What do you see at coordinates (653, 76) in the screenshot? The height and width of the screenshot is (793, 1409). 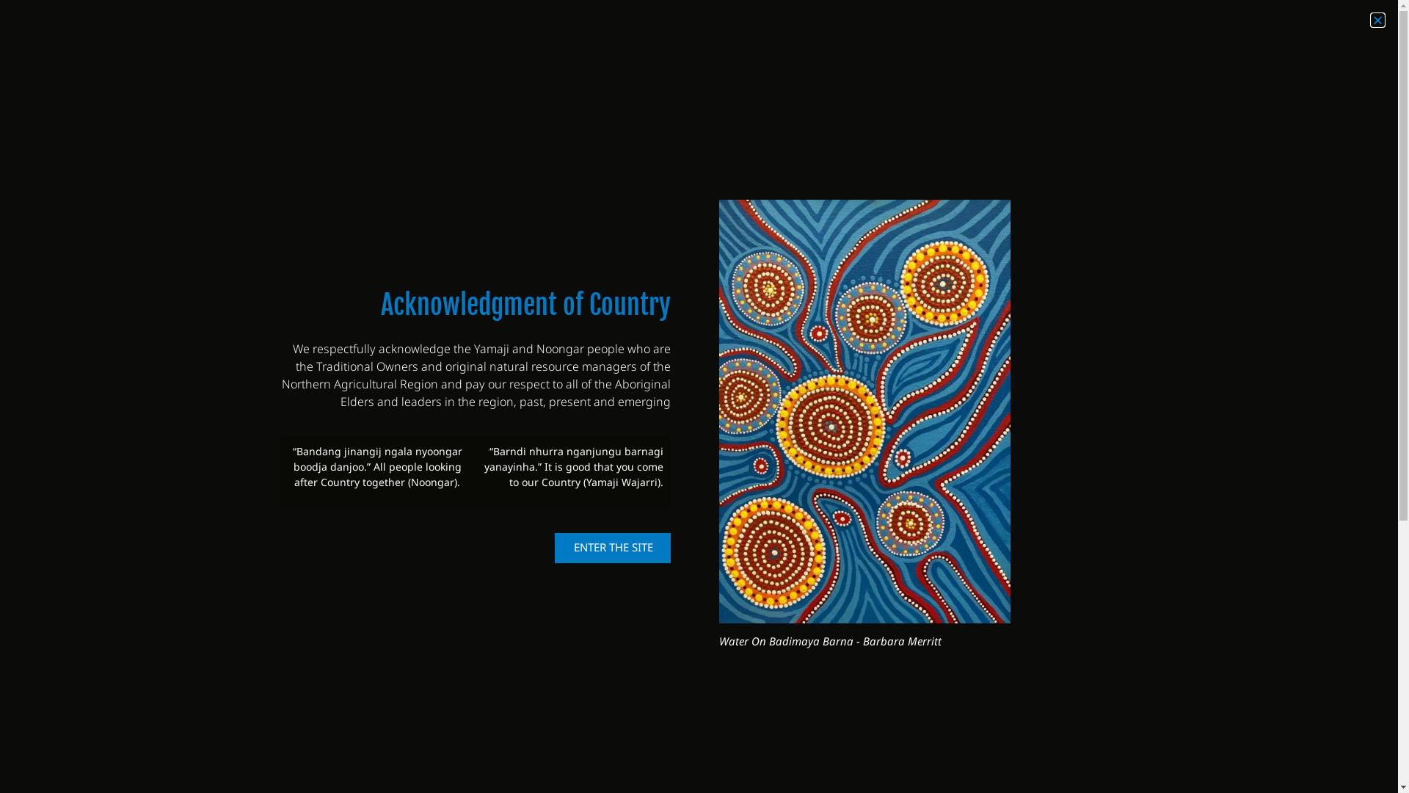 I see `'NRM STRATEGY'` at bounding box center [653, 76].